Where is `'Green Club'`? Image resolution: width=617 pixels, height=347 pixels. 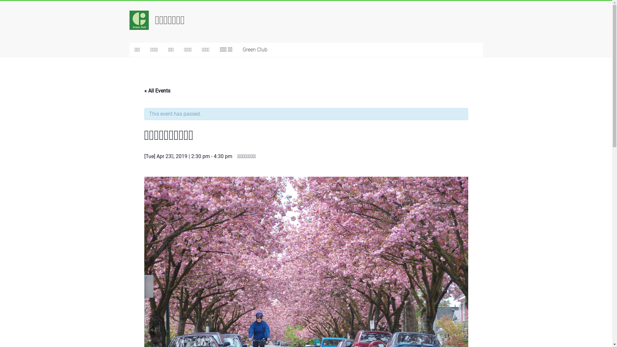
'Green Club' is located at coordinates (255, 49).